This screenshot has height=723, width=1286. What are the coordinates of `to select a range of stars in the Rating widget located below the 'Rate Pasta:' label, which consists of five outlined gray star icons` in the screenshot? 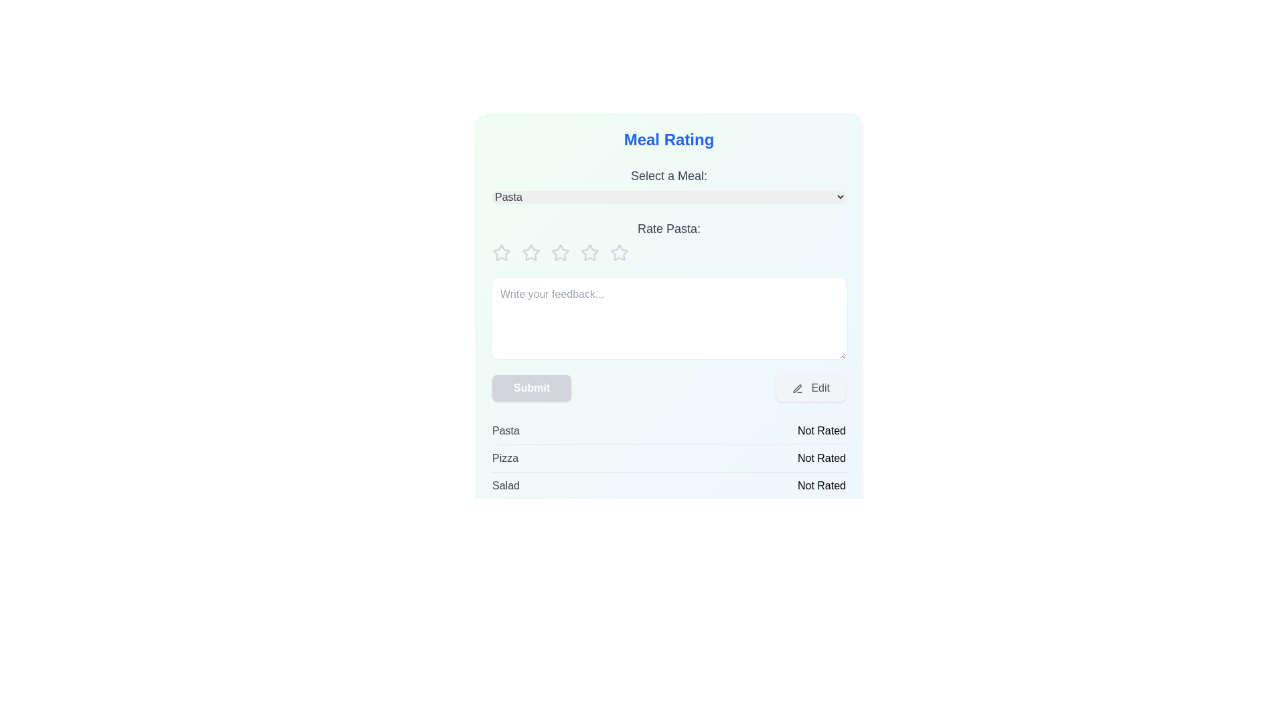 It's located at (668, 253).